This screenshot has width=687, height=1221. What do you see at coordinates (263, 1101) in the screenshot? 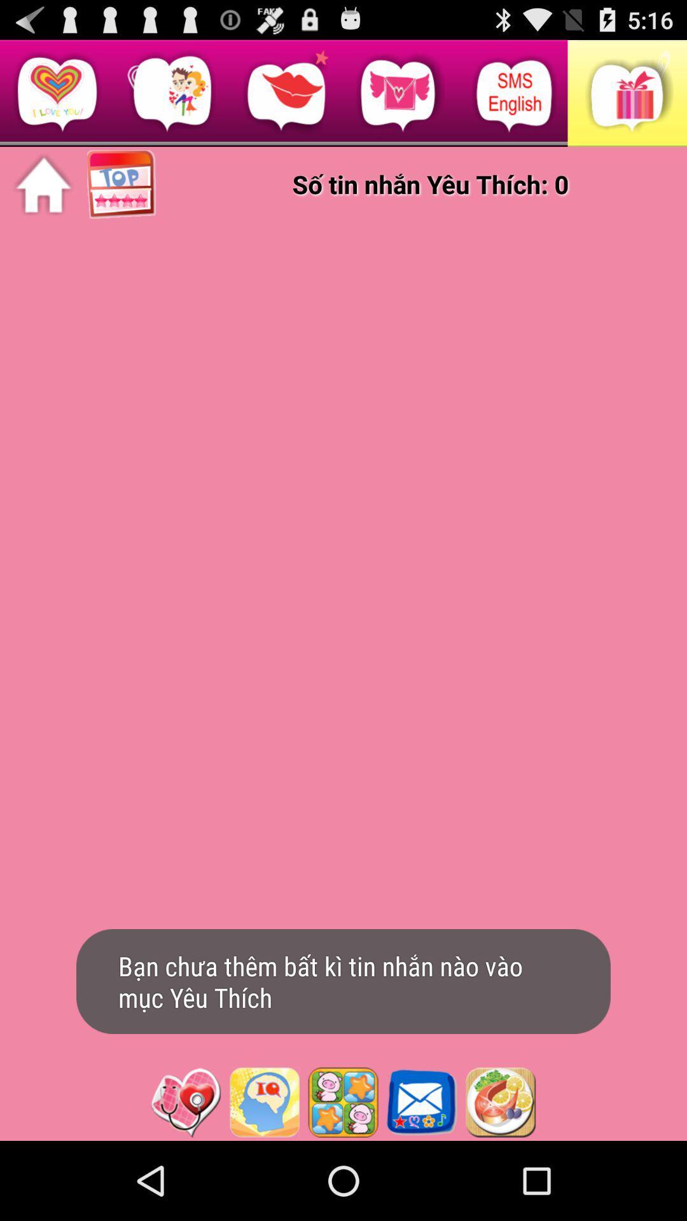
I see `option` at bounding box center [263, 1101].